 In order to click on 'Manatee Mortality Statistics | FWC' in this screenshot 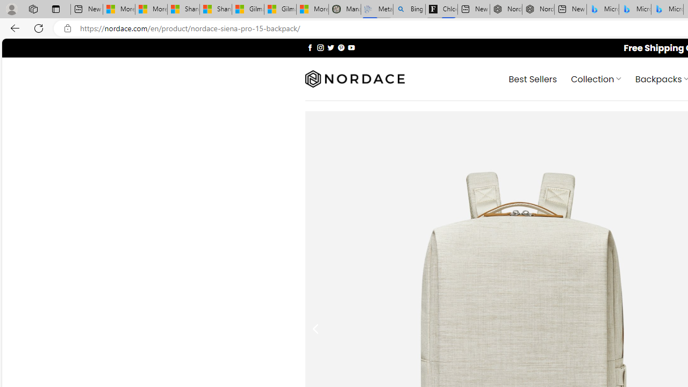, I will do `click(345, 9)`.